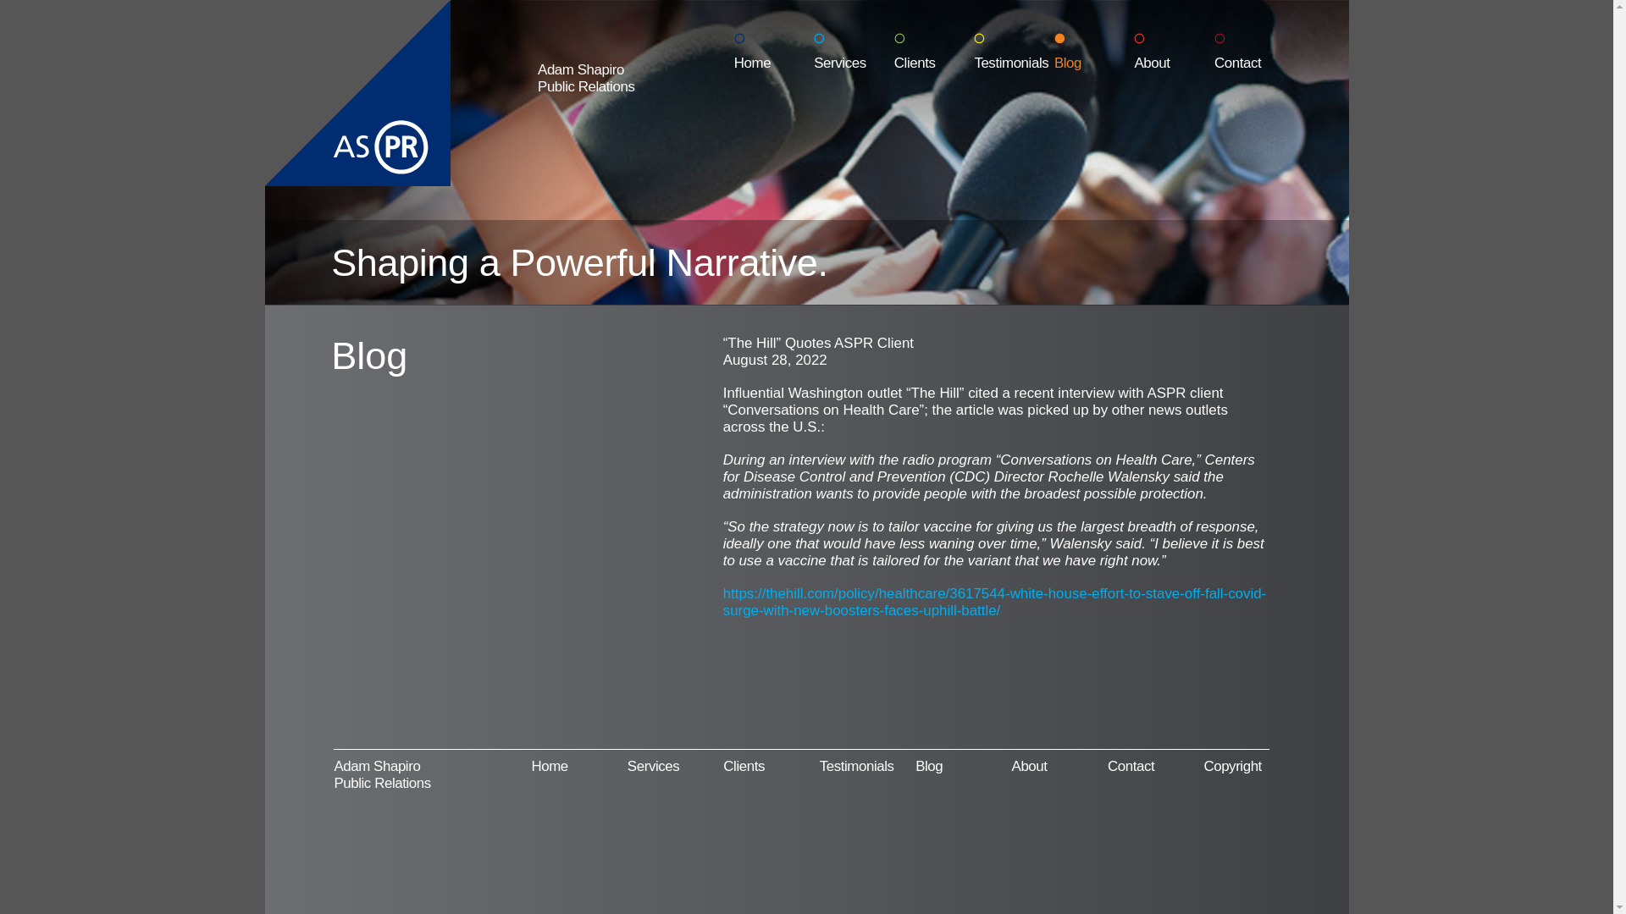 This screenshot has width=1626, height=914. What do you see at coordinates (1254, 51) in the screenshot?
I see `'Contact'` at bounding box center [1254, 51].